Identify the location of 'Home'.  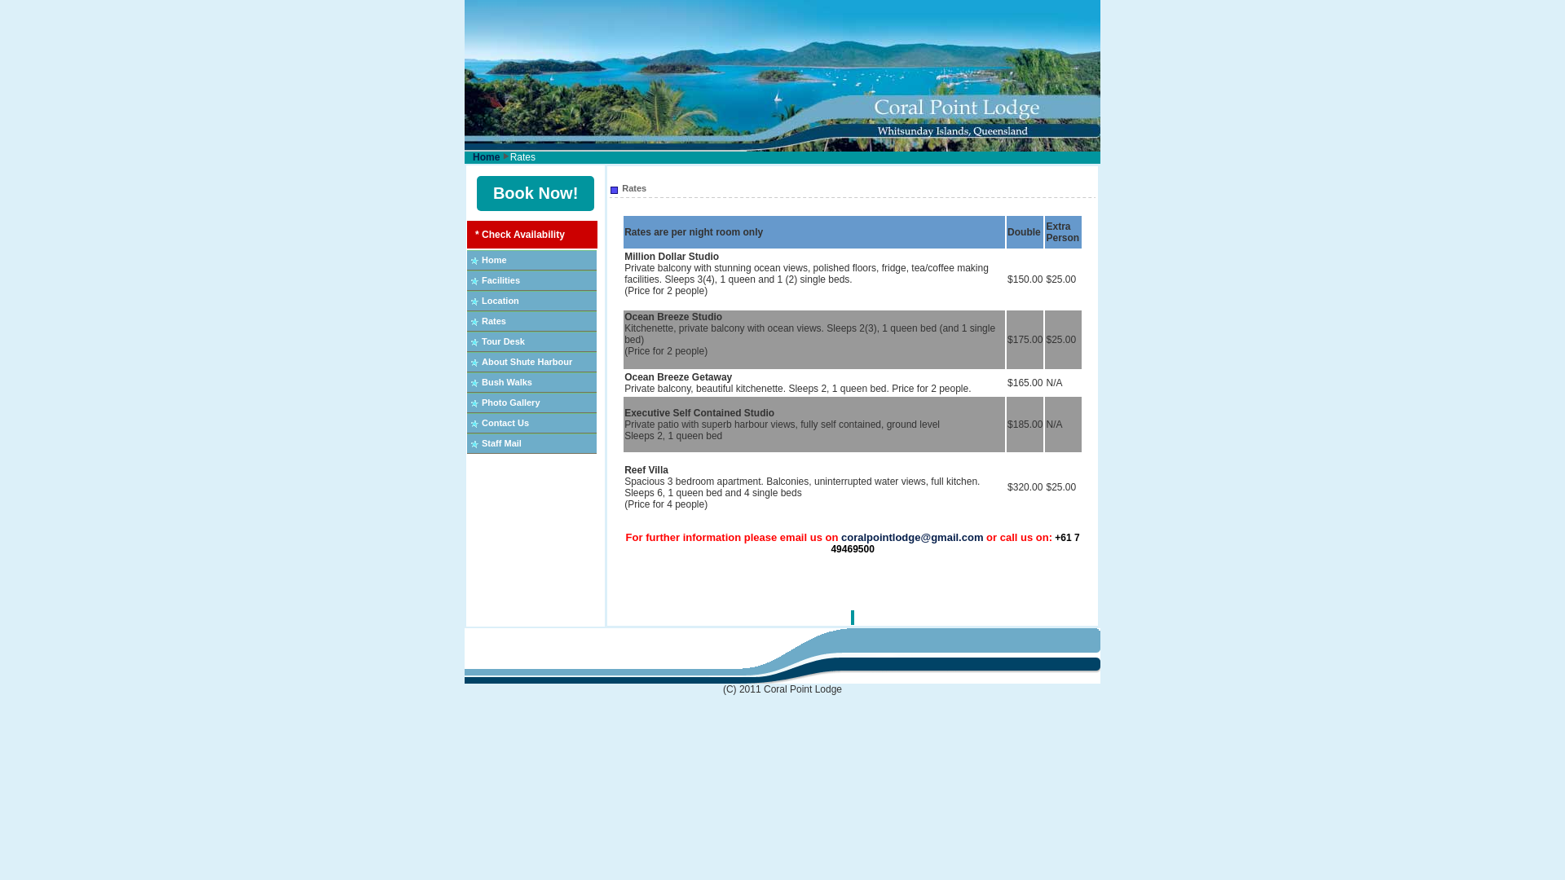
(485, 156).